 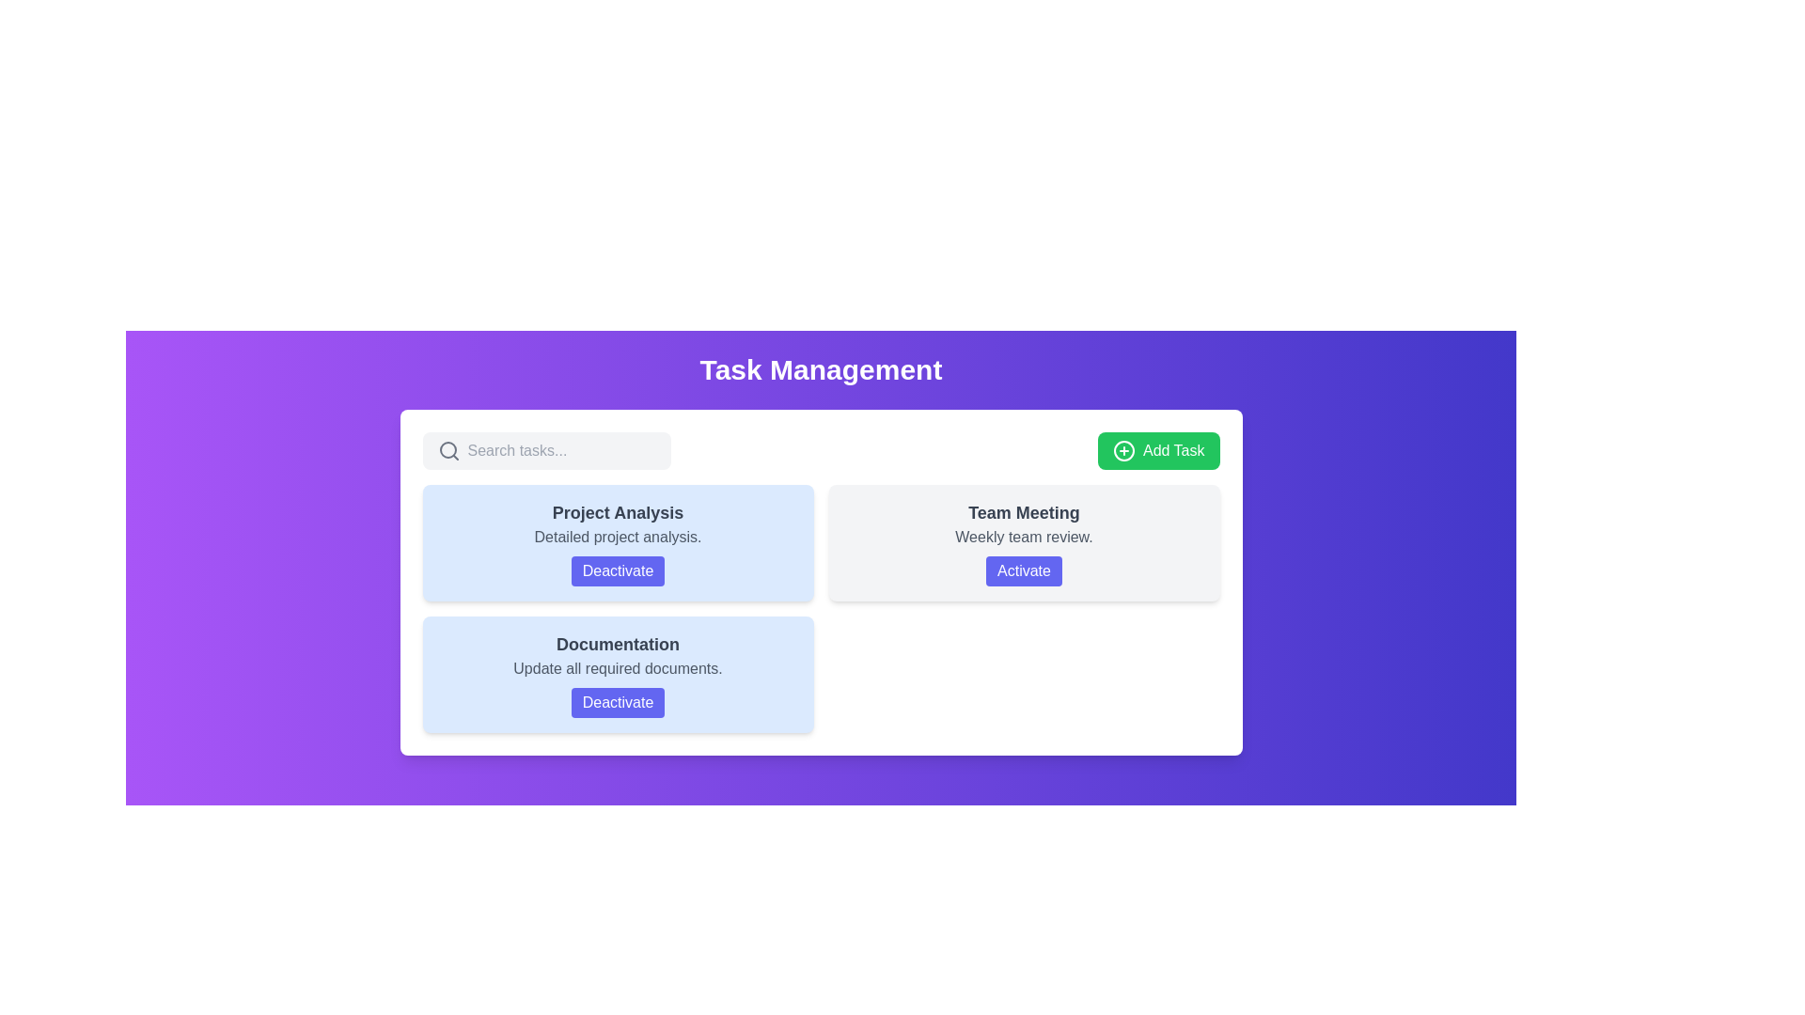 I want to click on the text header that serves as the title or header of the section, providing context and indicating the overall theme of the interface, so click(x=821, y=369).